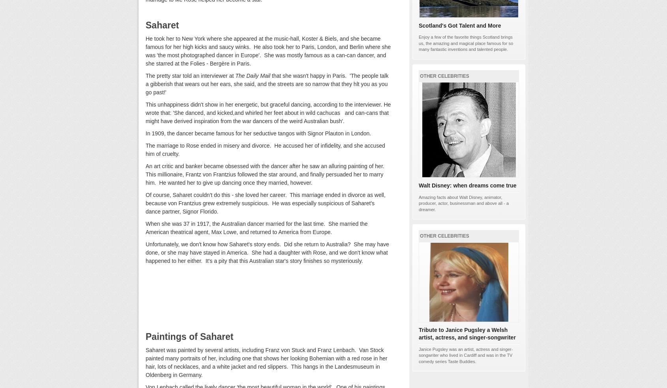 The height and width of the screenshot is (388, 667). I want to click on 'Unfortunately, we don't know how Saharet's story ends.  Did she return to Australia?  She may have done, or she may have stayed in America.  She had a daughter with Rose, and we don't know what happened to her either.  It's a pity that this Australian star's story finishes so mysteriously.', so click(267, 252).